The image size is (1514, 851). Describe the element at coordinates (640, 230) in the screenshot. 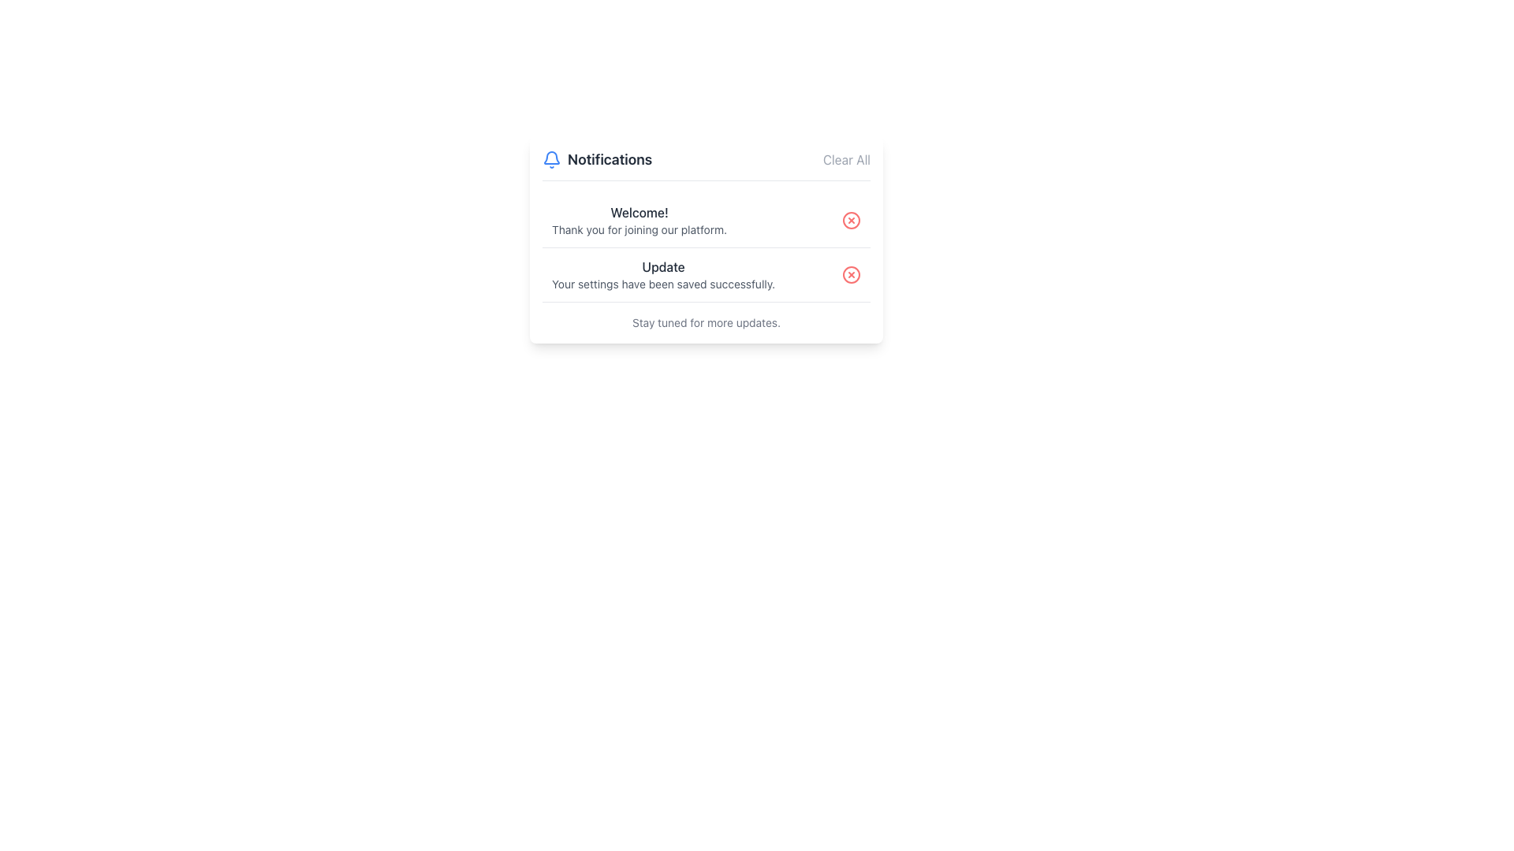

I see `the text element reading 'Thank you for joining our platform.' which is located directly below the title 'Welcome!' in the notification panel` at that location.